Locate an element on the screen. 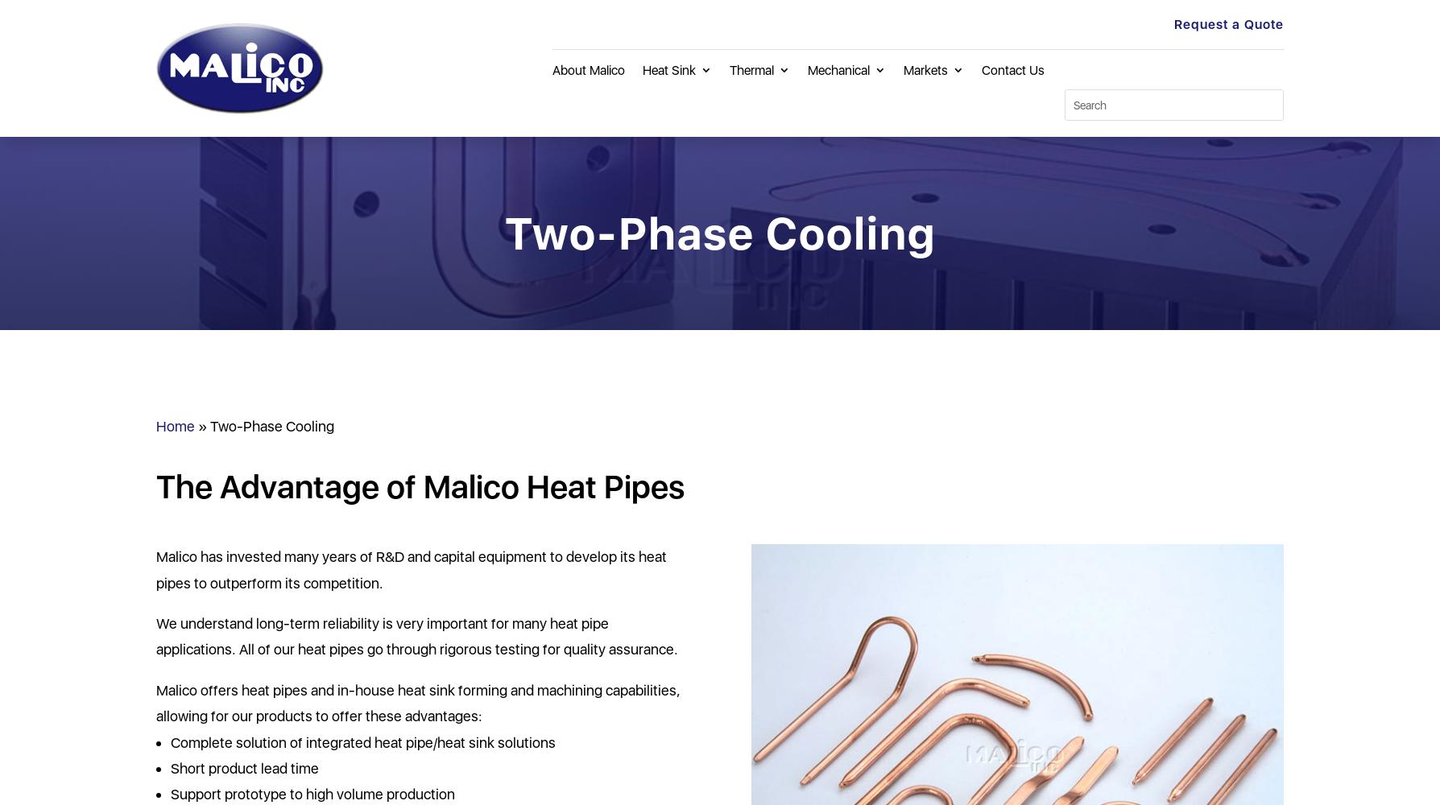  'Complete solution of integrated heat pipe/heat sink solutions' is located at coordinates (362, 741).